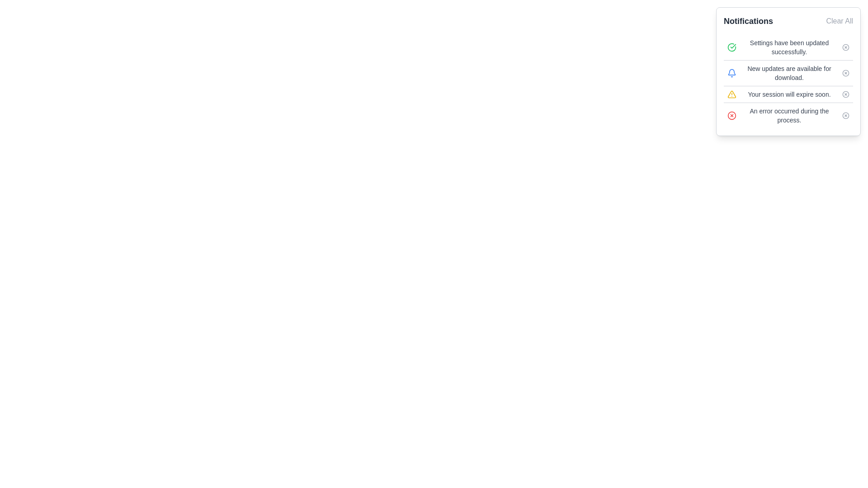 This screenshot has width=868, height=488. What do you see at coordinates (845, 114) in the screenshot?
I see `small hollow circle icon located at the bottom-right corner of the notification popup, which indicates actions or errors` at bounding box center [845, 114].